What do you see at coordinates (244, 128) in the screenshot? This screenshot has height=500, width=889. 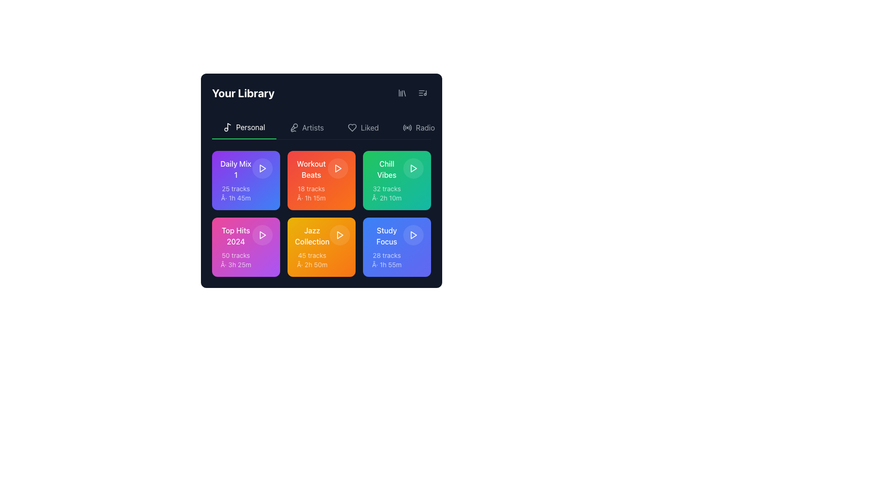 I see `the 'Personal' button, which is the first tab in a horizontal row of buttons, indicated by its green underline and white text` at bounding box center [244, 128].